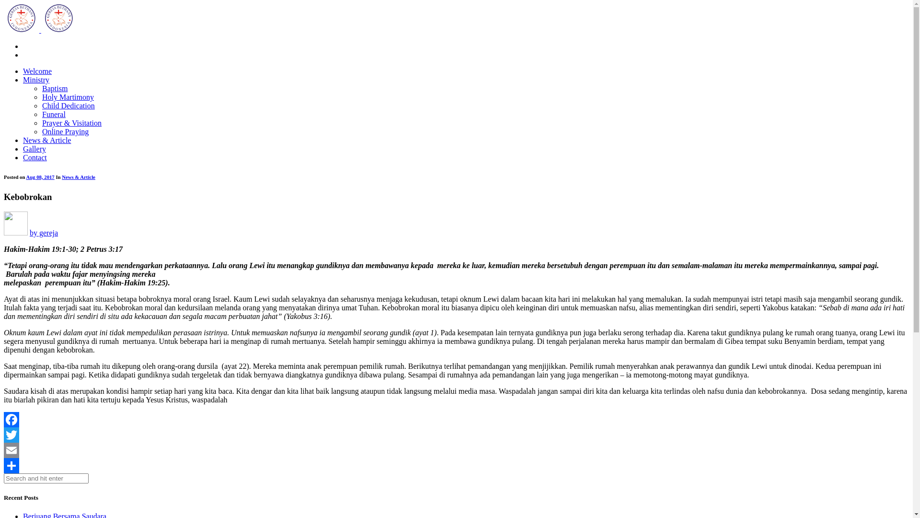 The width and height of the screenshot is (920, 518). Describe the element at coordinates (46, 140) in the screenshot. I see `'News & Article'` at that location.